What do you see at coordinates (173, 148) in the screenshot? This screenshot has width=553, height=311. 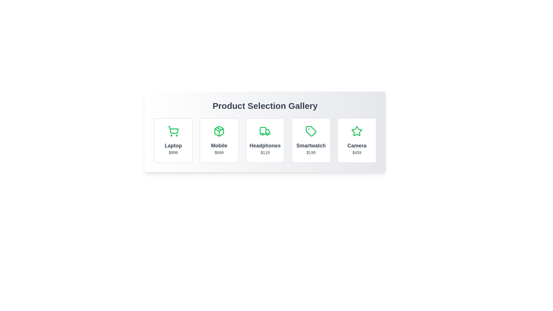 I see `the text element displaying 'Laptop' in bold and '$999' in smaller font, located in the first card of the product selection gallery, directly below the shopping cart icon` at bounding box center [173, 148].